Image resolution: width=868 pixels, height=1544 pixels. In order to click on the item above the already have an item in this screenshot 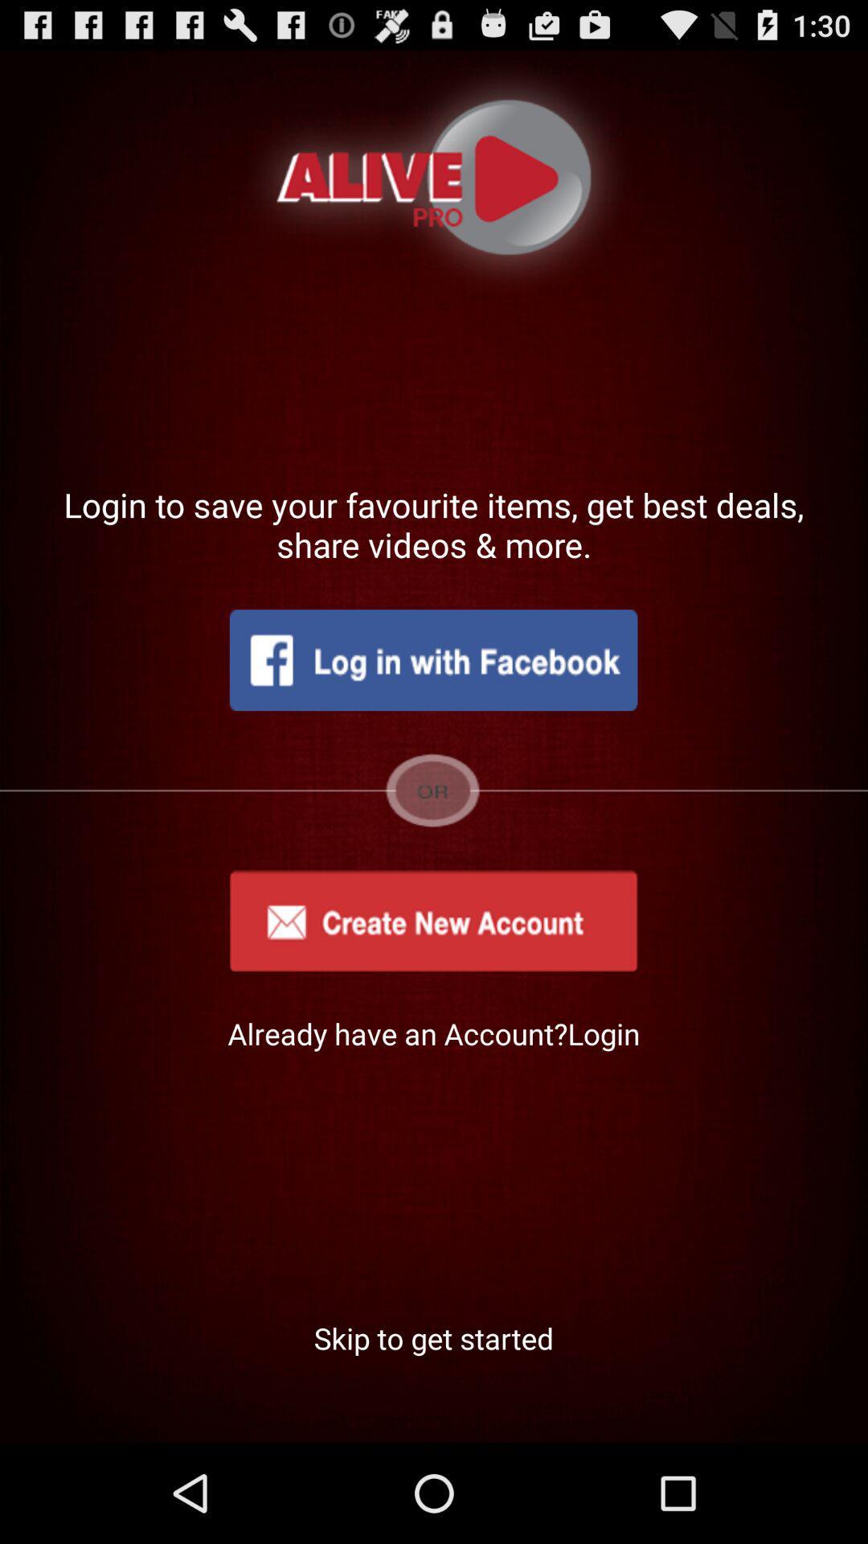, I will do `click(432, 921)`.